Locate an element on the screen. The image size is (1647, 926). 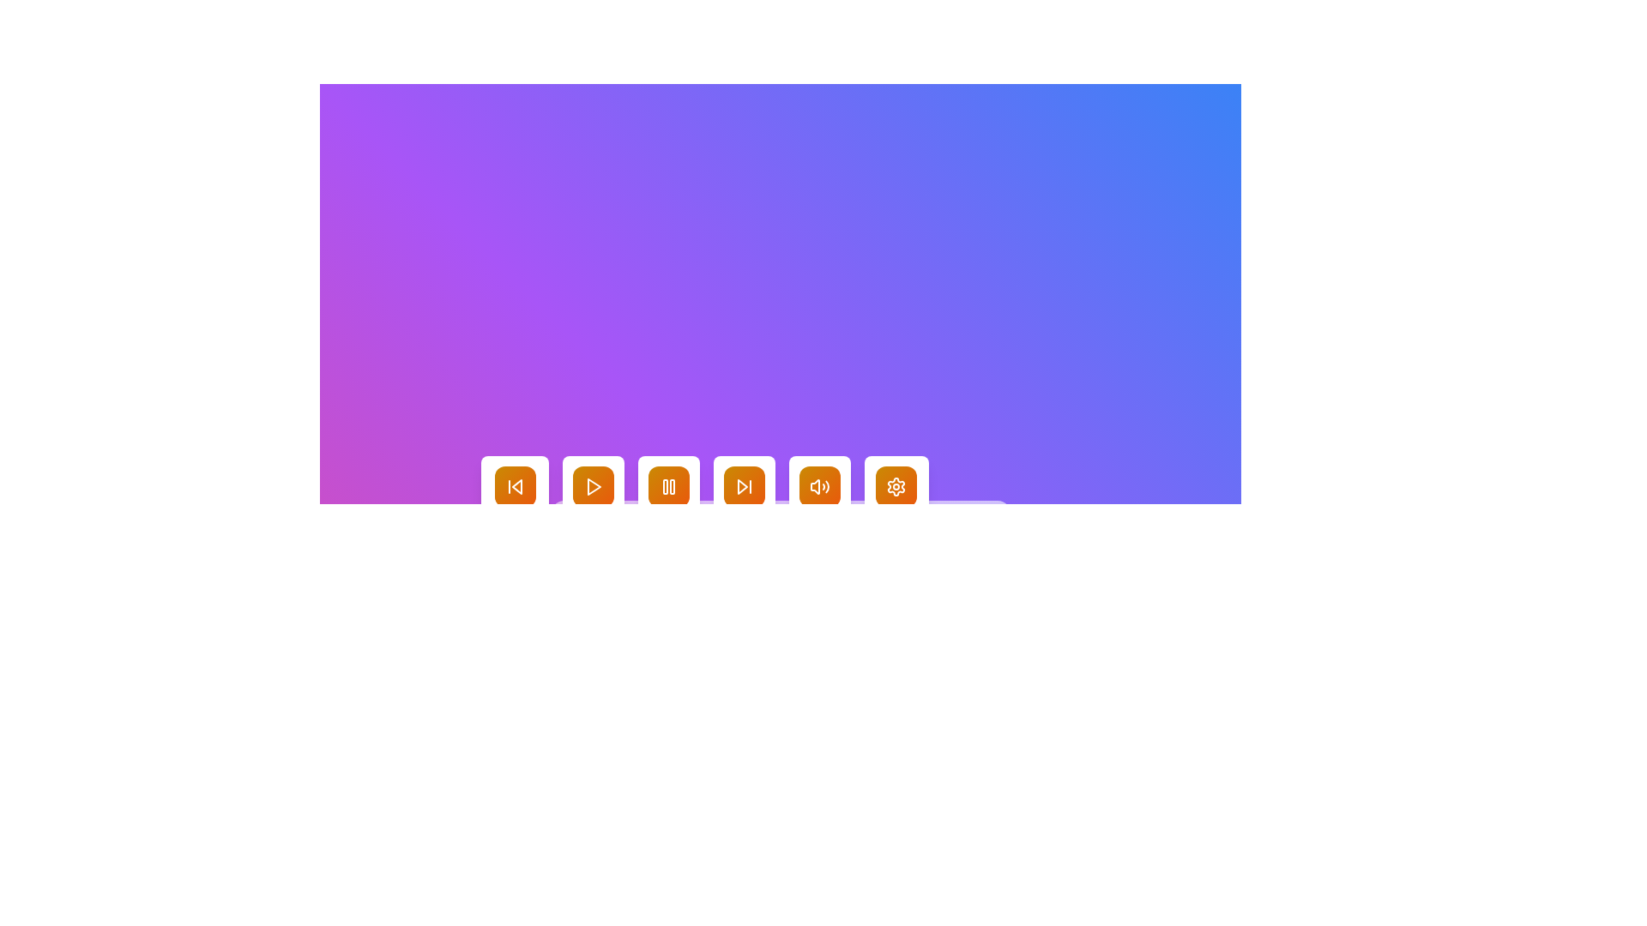
the pause button located in the control bar at the bottom of the interface is located at coordinates (704, 499).